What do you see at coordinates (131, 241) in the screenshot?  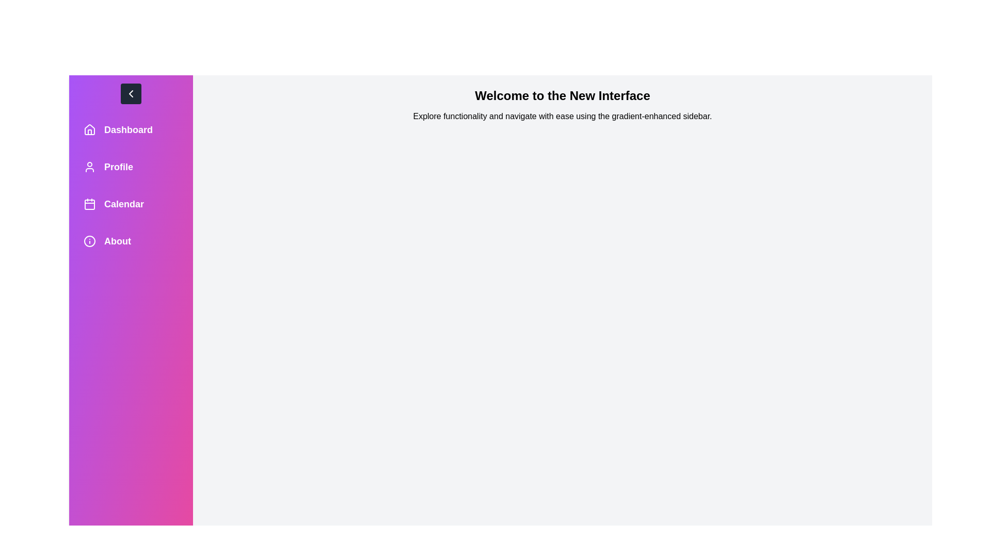 I see `the menu item labeled About to navigate to the corresponding section` at bounding box center [131, 241].